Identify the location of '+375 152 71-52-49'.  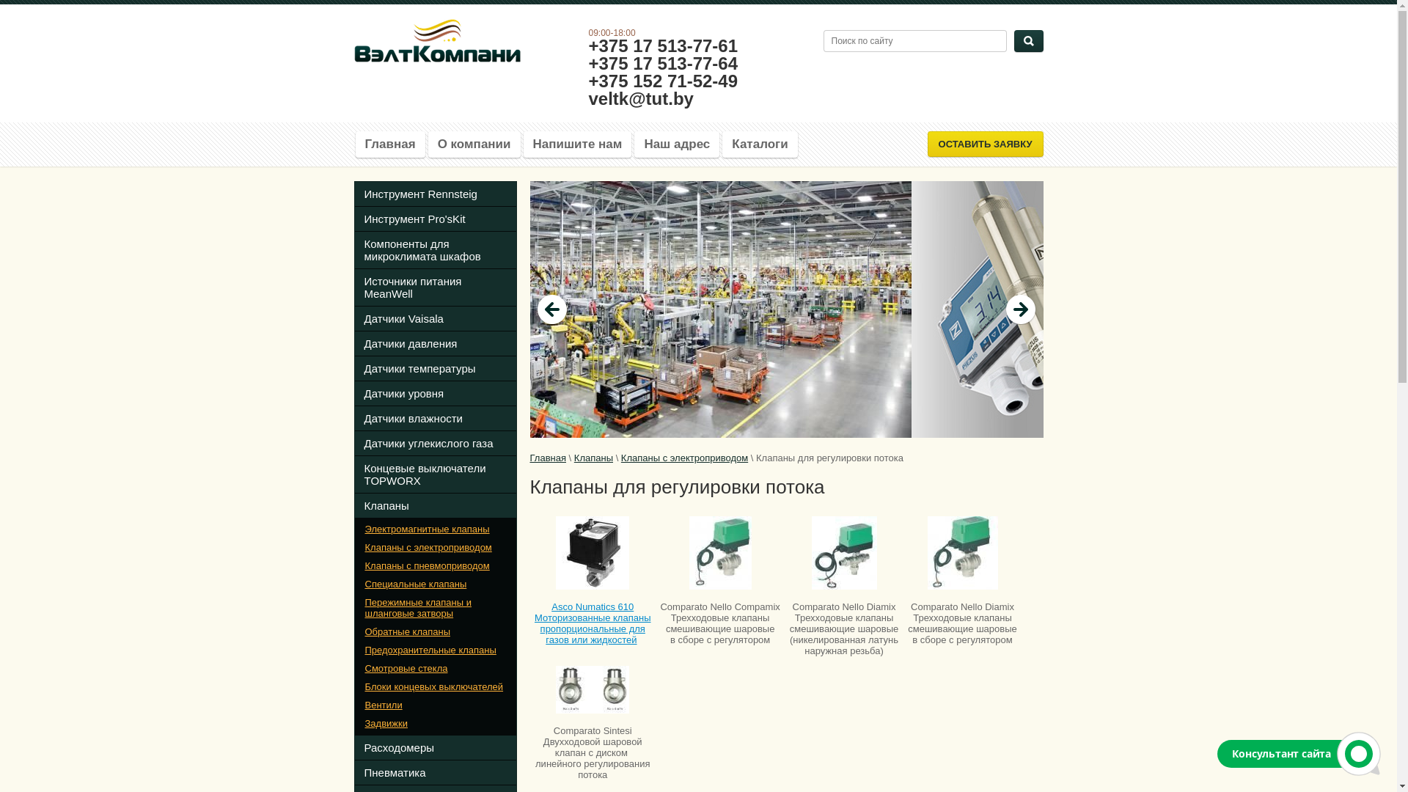
(661, 81).